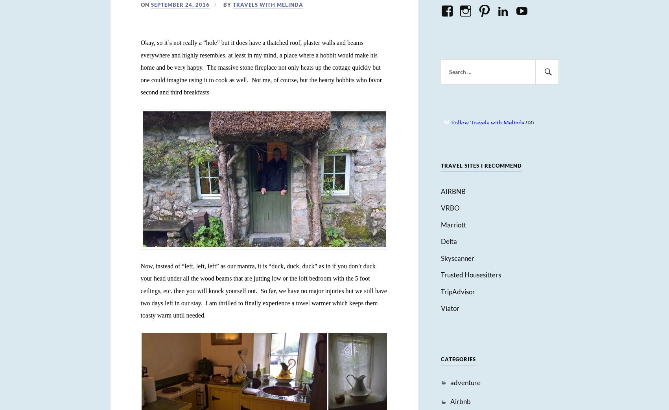  What do you see at coordinates (452, 224) in the screenshot?
I see `'Marriott'` at bounding box center [452, 224].